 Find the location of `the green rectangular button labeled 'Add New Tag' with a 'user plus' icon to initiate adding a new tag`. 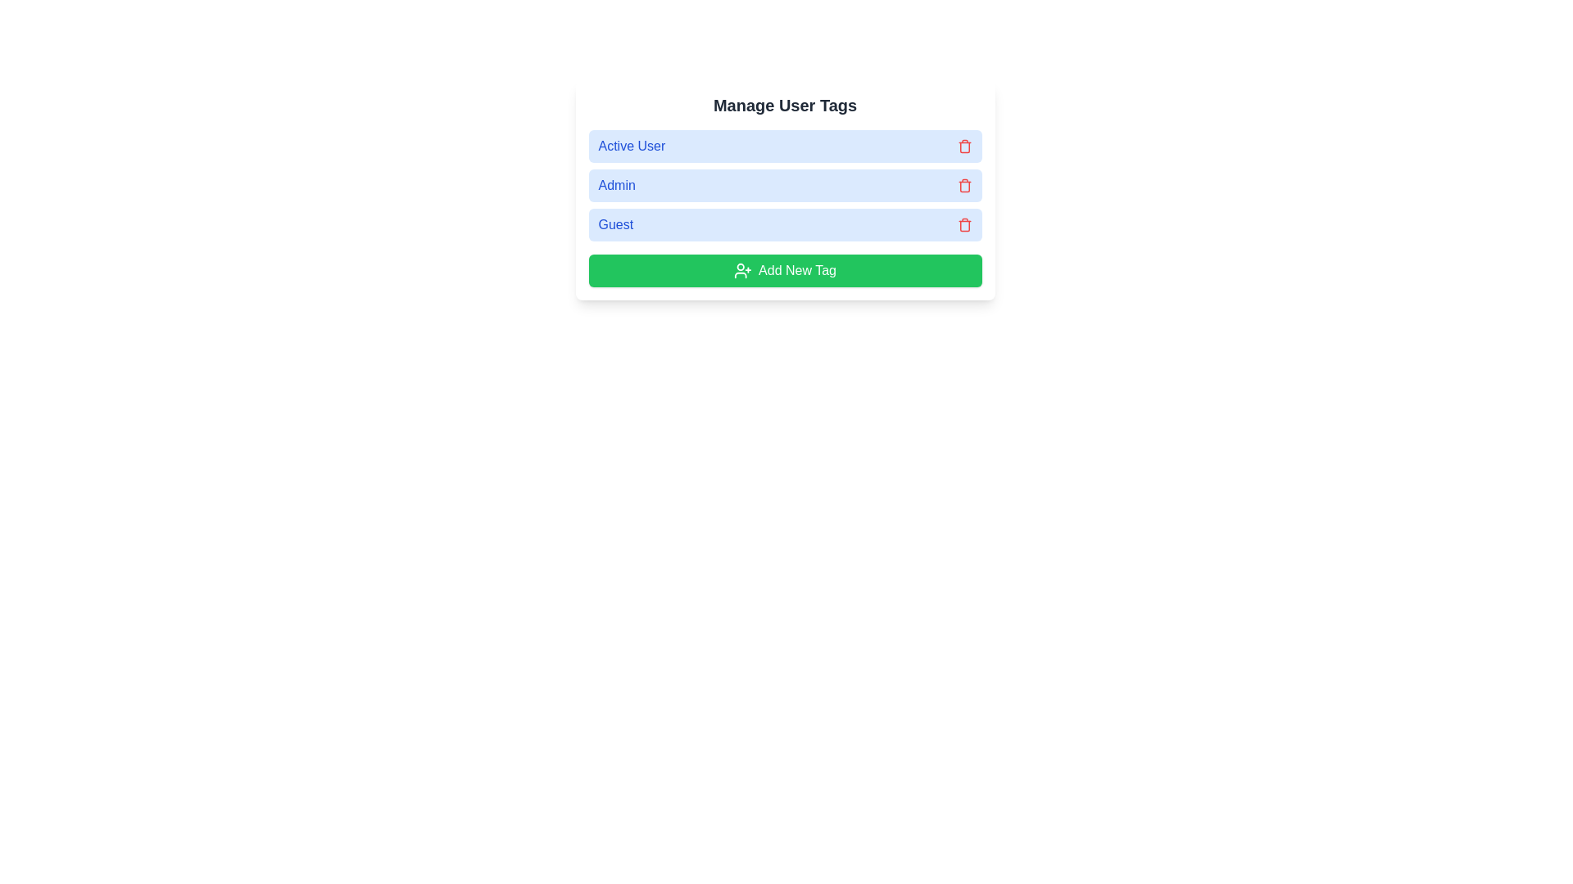

the green rectangular button labeled 'Add New Tag' with a 'user plus' icon to initiate adding a new tag is located at coordinates (784, 270).